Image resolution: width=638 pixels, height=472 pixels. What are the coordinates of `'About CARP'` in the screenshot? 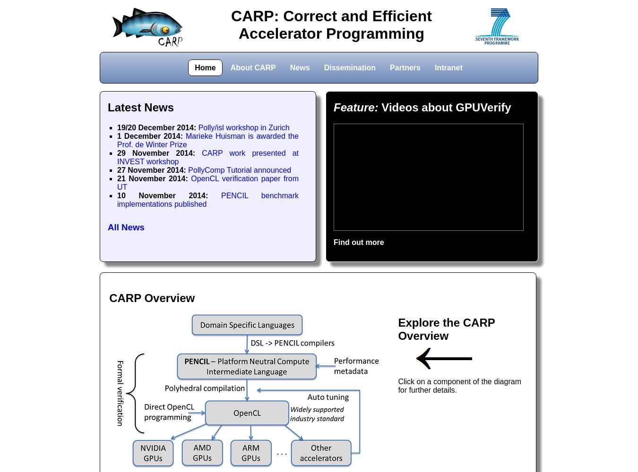 It's located at (252, 67).